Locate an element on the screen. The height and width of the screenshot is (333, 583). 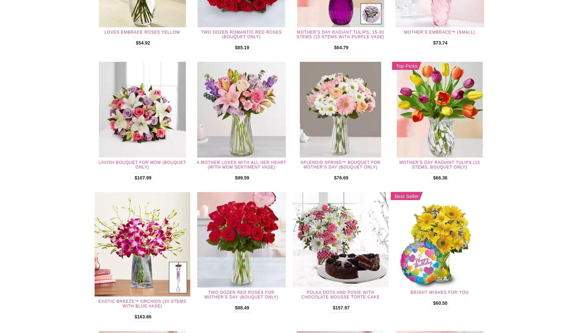
'Loves Embrace Roses Yellow' is located at coordinates (142, 32).